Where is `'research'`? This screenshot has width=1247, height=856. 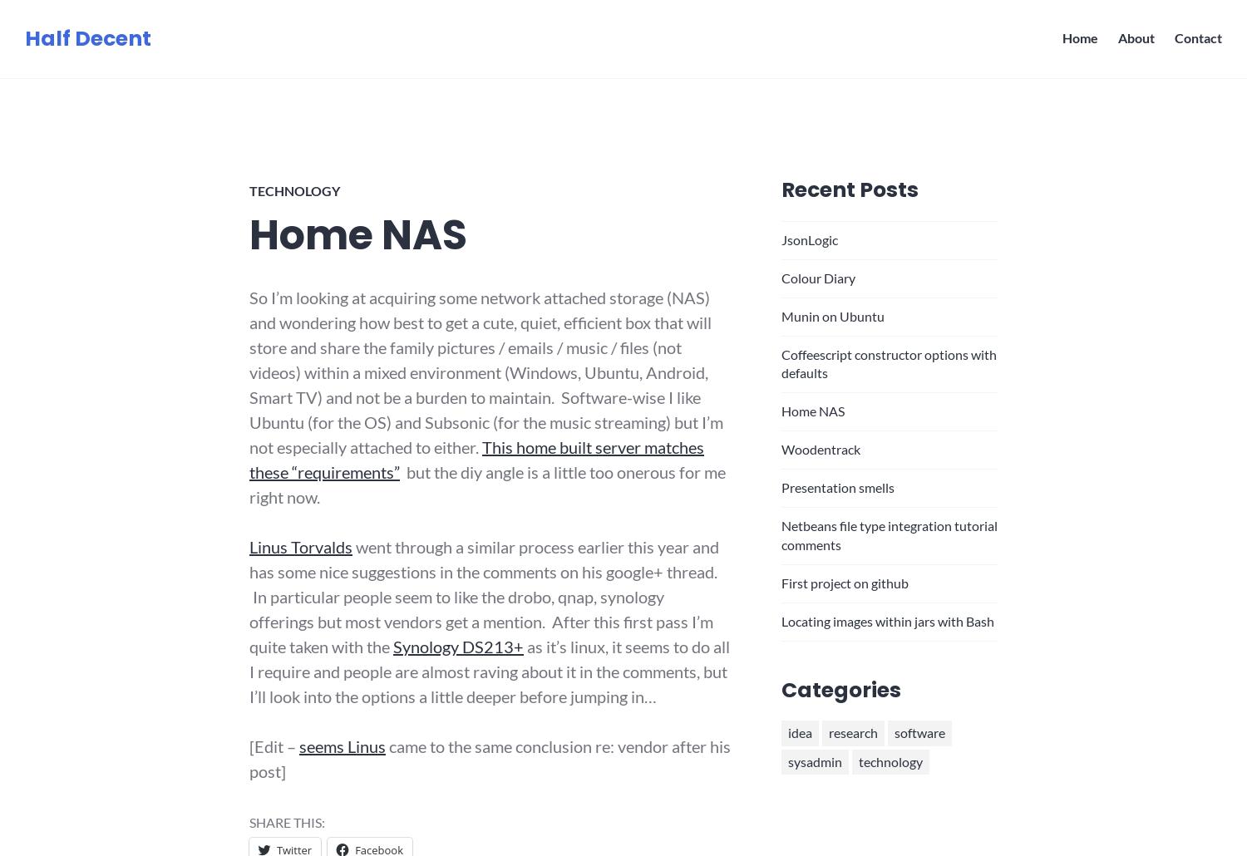
'research' is located at coordinates (852, 732).